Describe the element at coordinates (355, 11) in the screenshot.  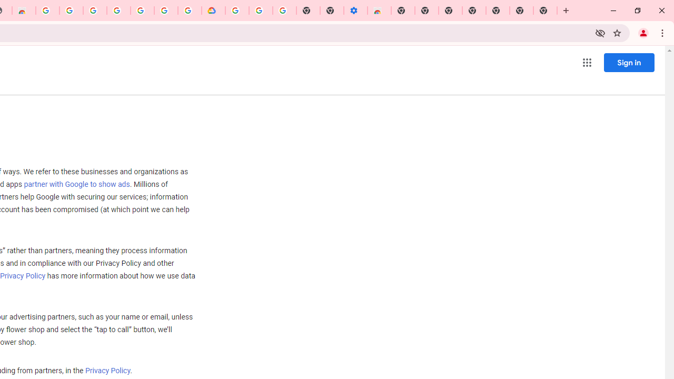
I see `'Settings - Accessibility'` at that location.